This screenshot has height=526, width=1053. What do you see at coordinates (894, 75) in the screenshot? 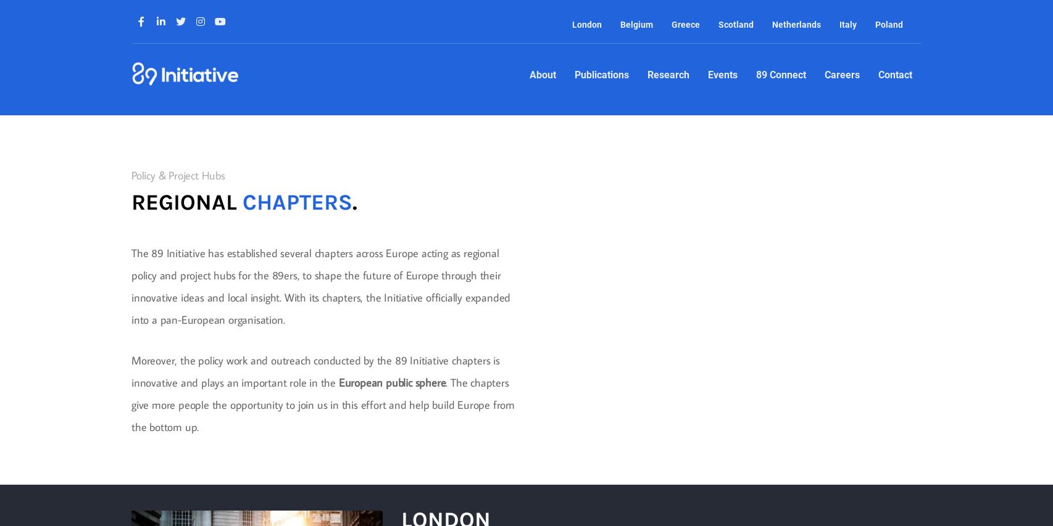
I see `'Contact'` at bounding box center [894, 75].